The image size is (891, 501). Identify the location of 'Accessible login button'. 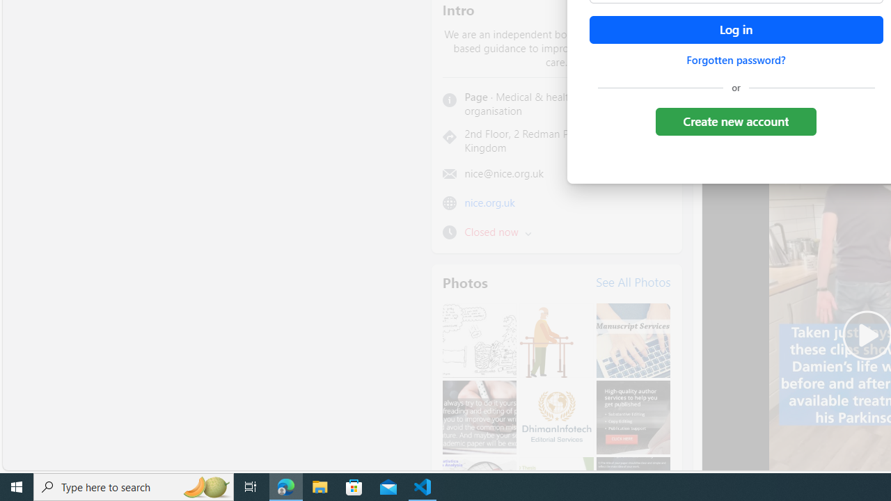
(735, 30).